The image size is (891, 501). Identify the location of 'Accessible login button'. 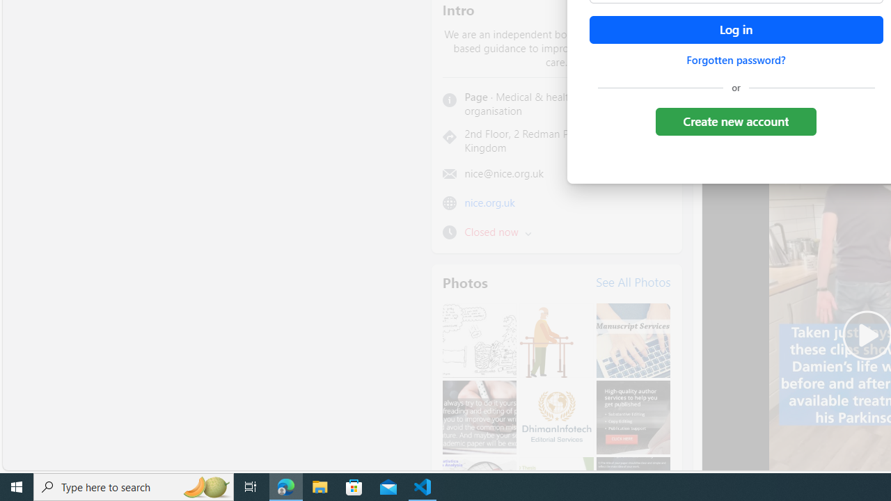
(735, 30).